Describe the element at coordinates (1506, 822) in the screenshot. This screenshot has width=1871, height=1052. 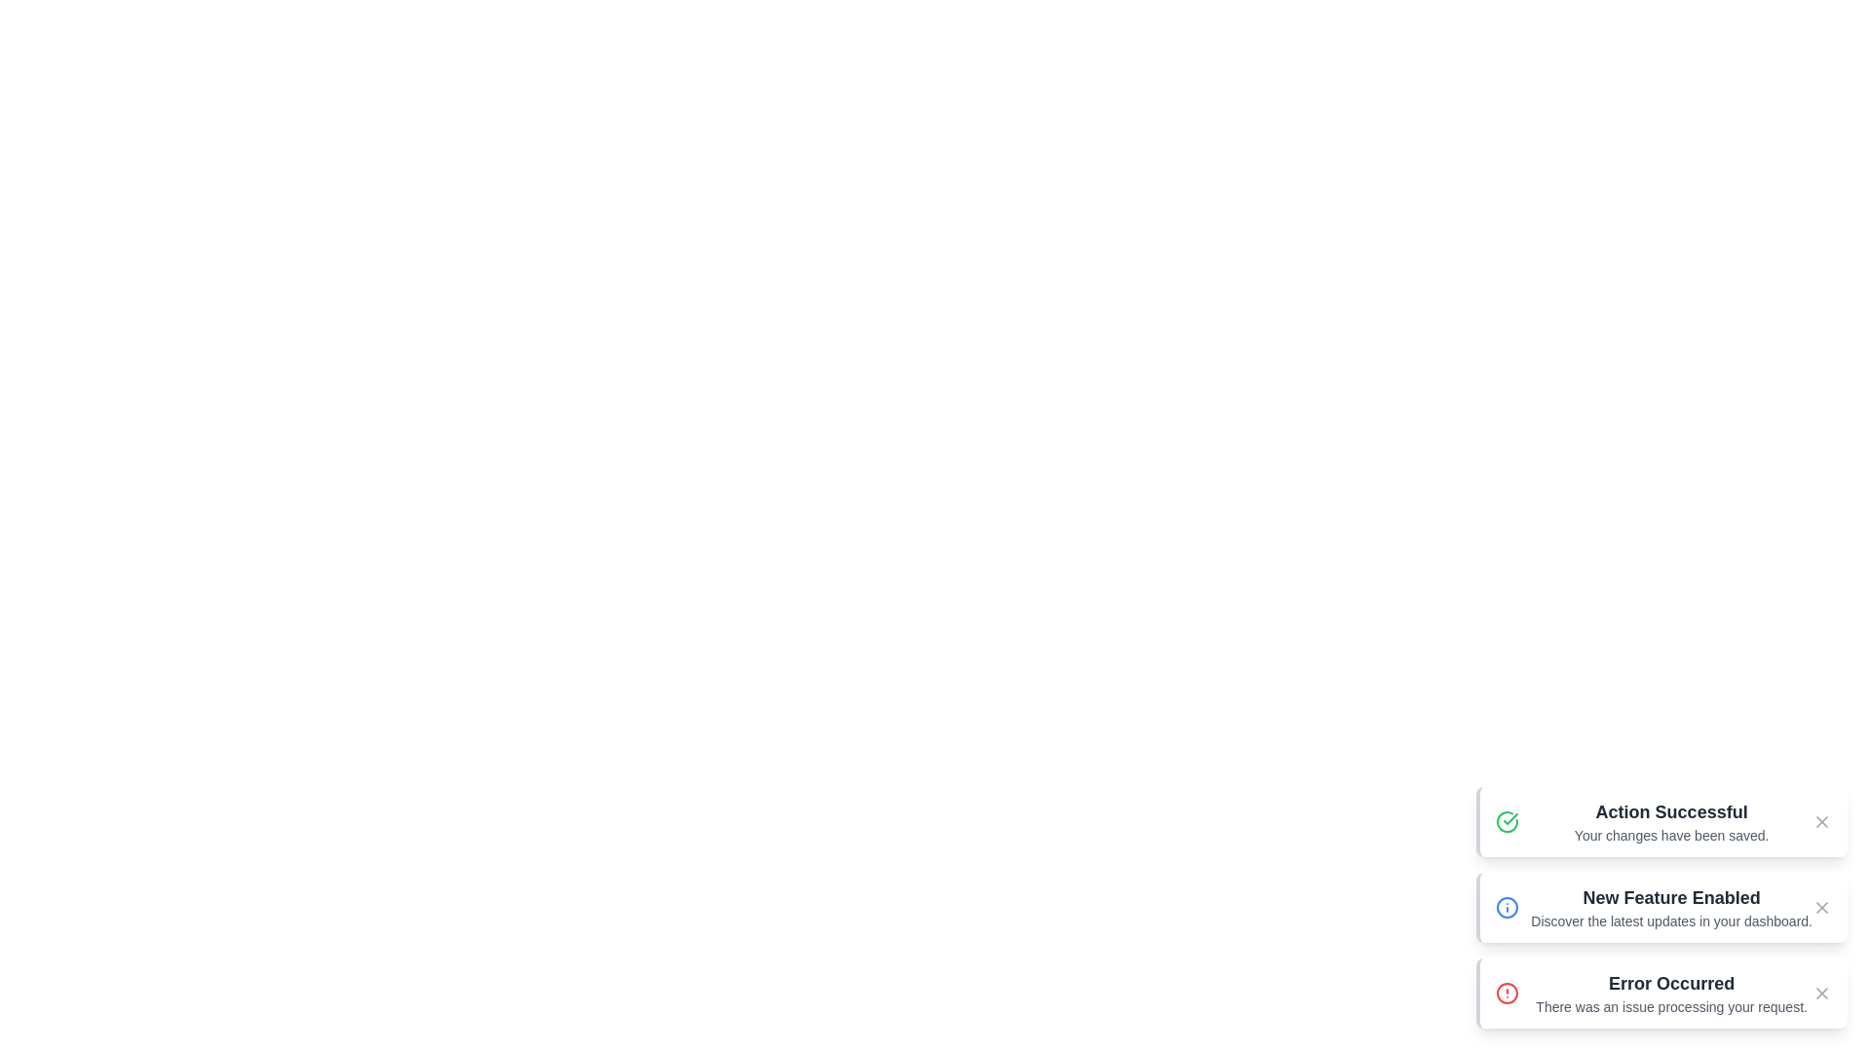
I see `the icon of the snackbar to identify its type` at that location.